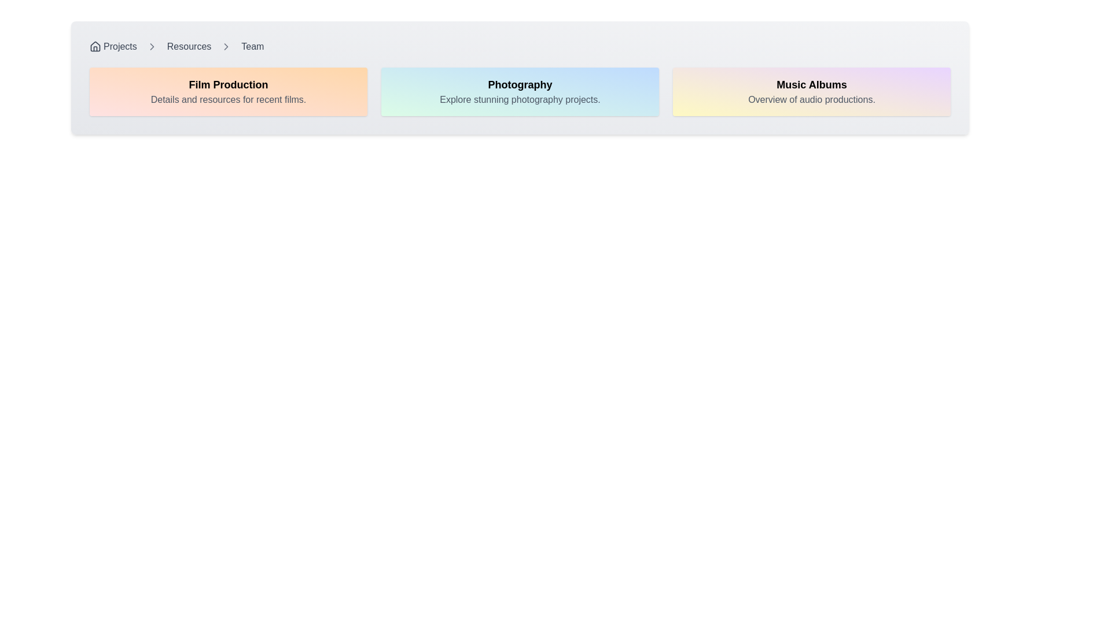 This screenshot has height=624, width=1111. Describe the element at coordinates (113, 46) in the screenshot. I see `the 'Projects' clickable link with an icon` at that location.